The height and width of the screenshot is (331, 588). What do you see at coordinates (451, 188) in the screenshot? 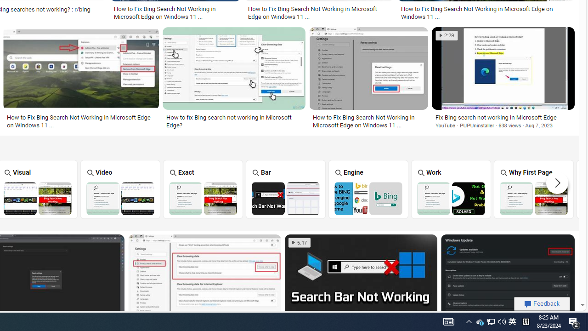
I see `'Bing Work Search Not Working Work'` at bounding box center [451, 188].